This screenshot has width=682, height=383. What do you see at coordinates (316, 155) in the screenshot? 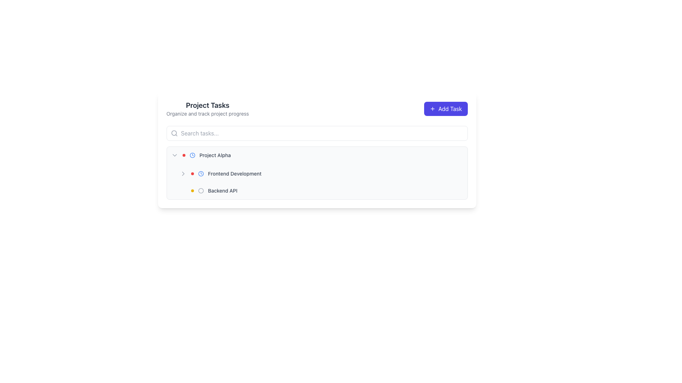
I see `the task entry titled 'Project Alpha'` at bounding box center [316, 155].